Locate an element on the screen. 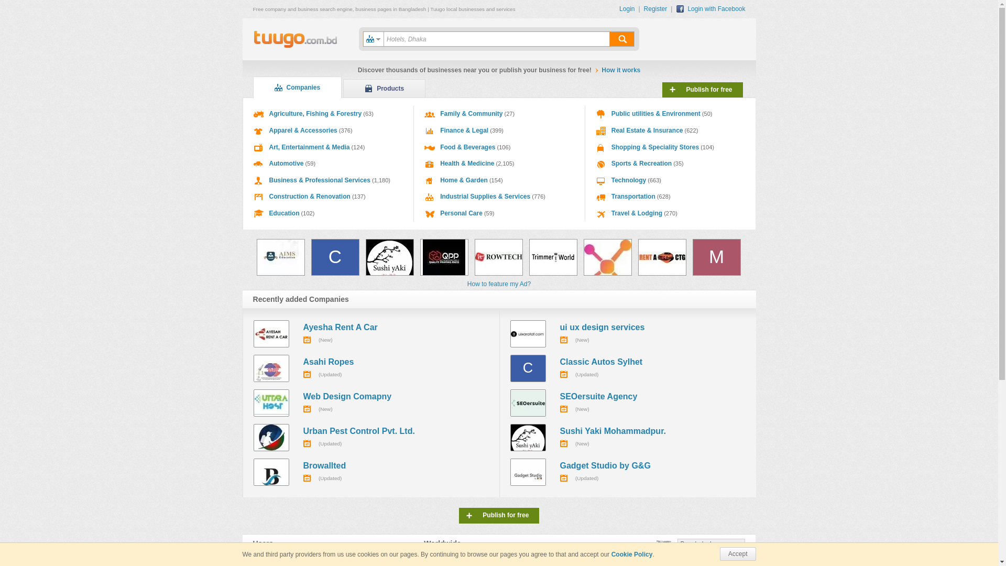 The height and width of the screenshot is (566, 1006). ' Real Estate & Insurance (622)' is located at coordinates (671, 130).